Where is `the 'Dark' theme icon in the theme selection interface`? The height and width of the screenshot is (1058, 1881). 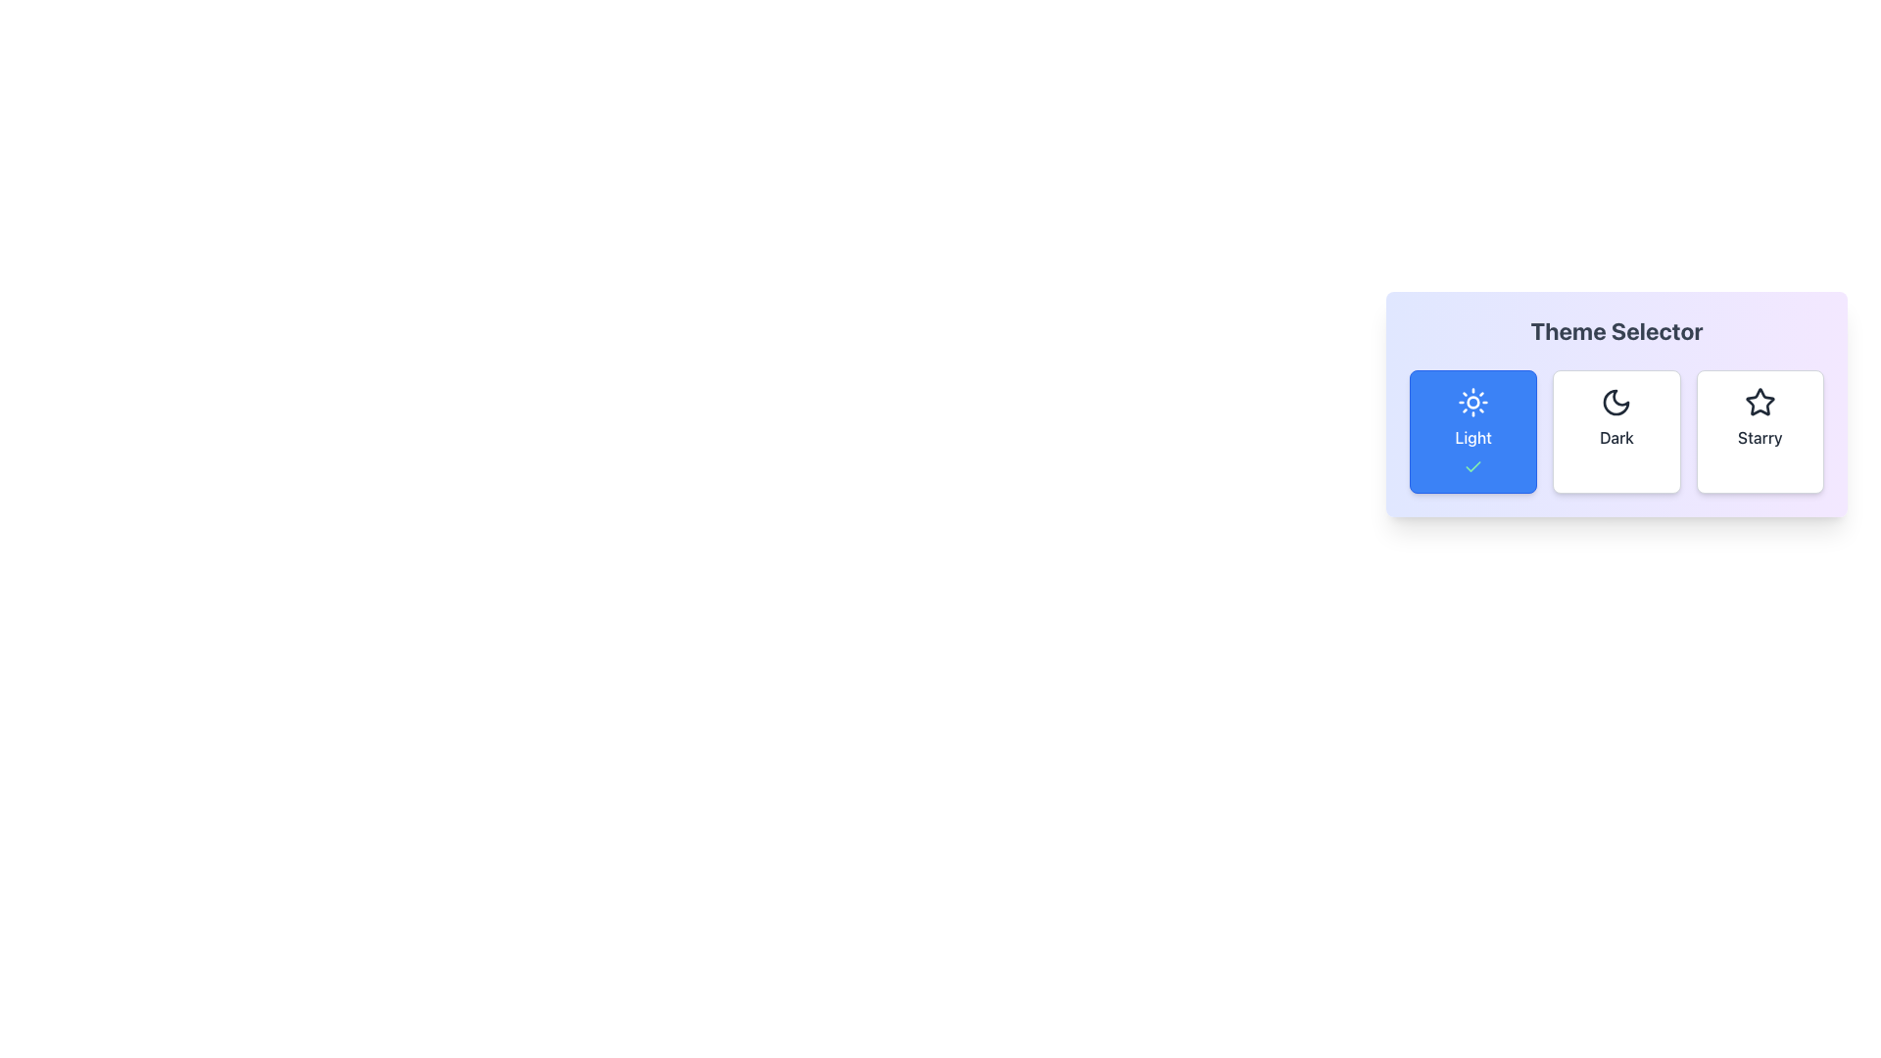
the 'Dark' theme icon in the theme selection interface is located at coordinates (1616, 402).